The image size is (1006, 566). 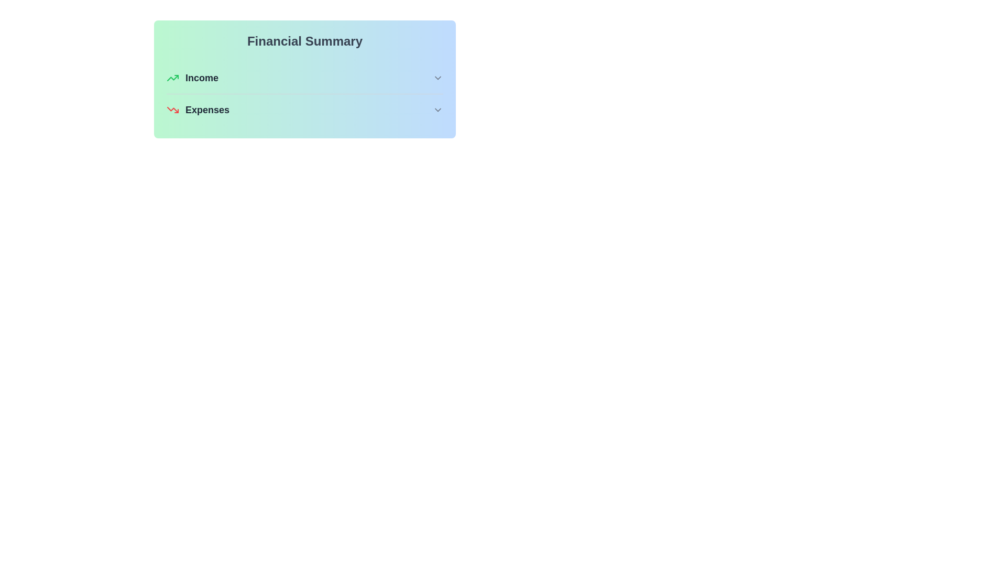 I want to click on the second list item representing 'Expenses' in the 'Financial Summary' section, so click(x=304, y=110).